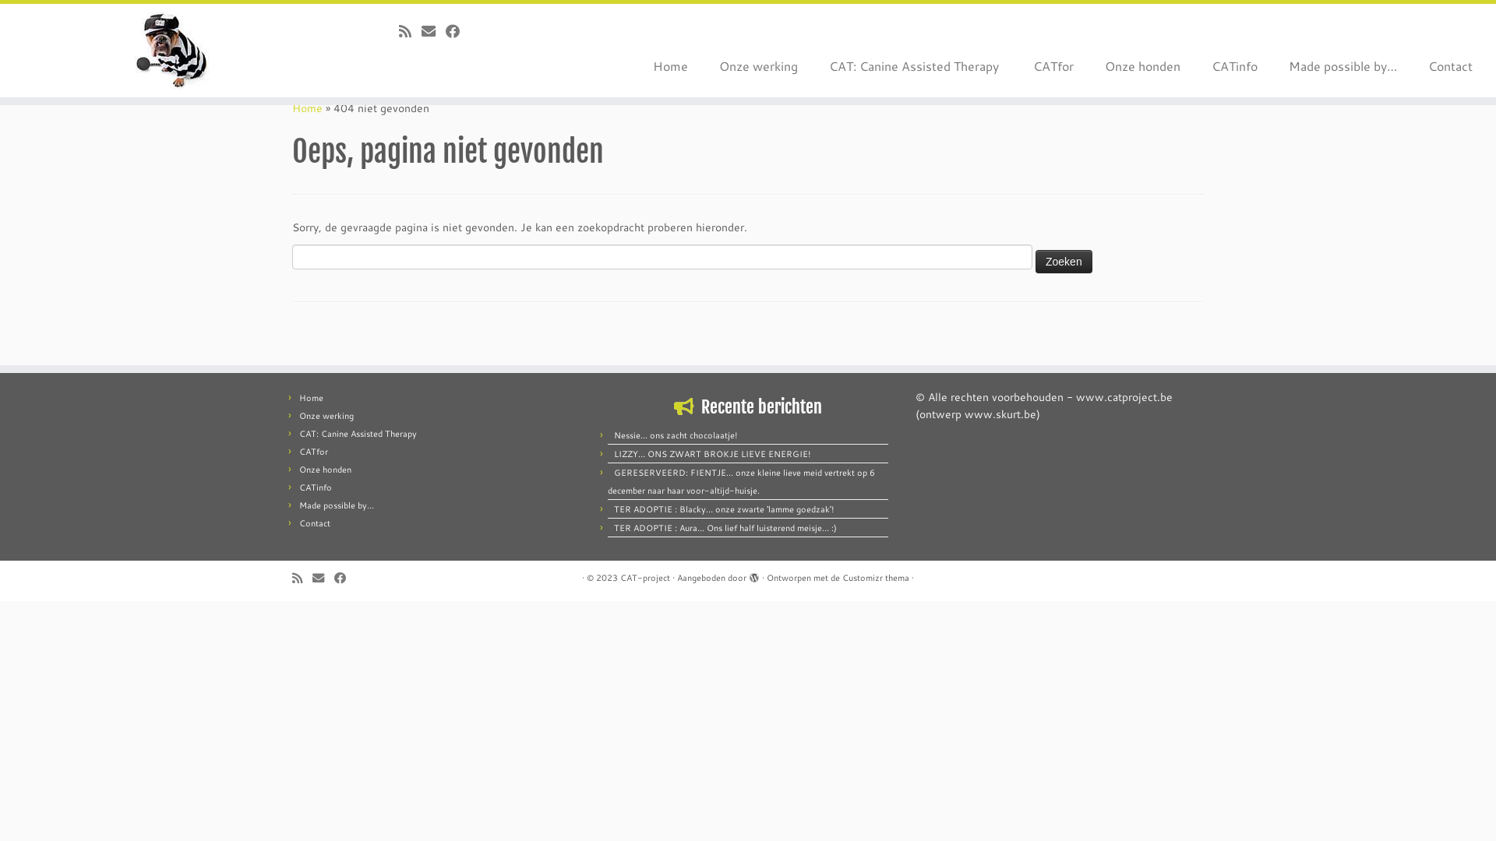 This screenshot has height=841, width=1496. Describe the element at coordinates (433, 30) in the screenshot. I see `'E-mail'` at that location.